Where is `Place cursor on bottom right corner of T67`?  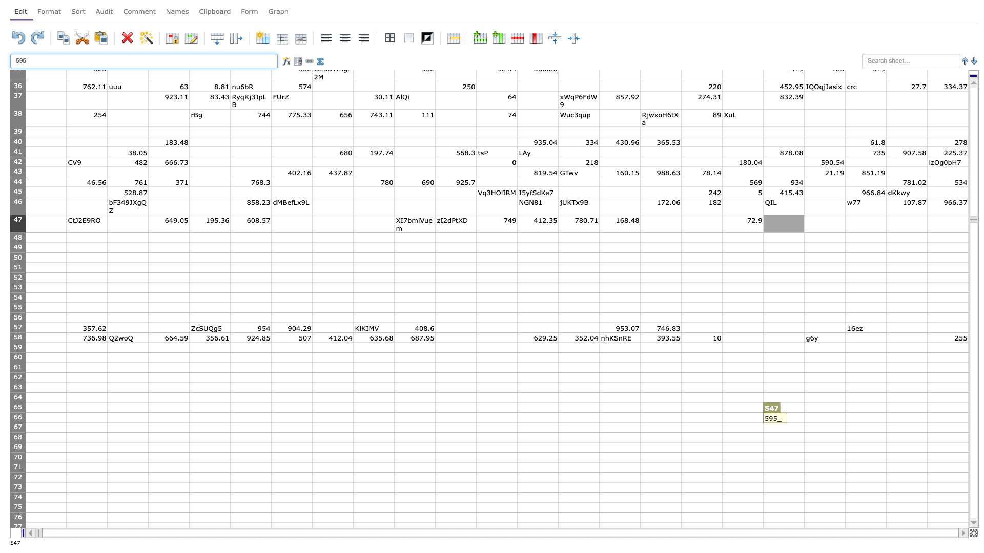 Place cursor on bottom right corner of T67 is located at coordinates (846, 432).